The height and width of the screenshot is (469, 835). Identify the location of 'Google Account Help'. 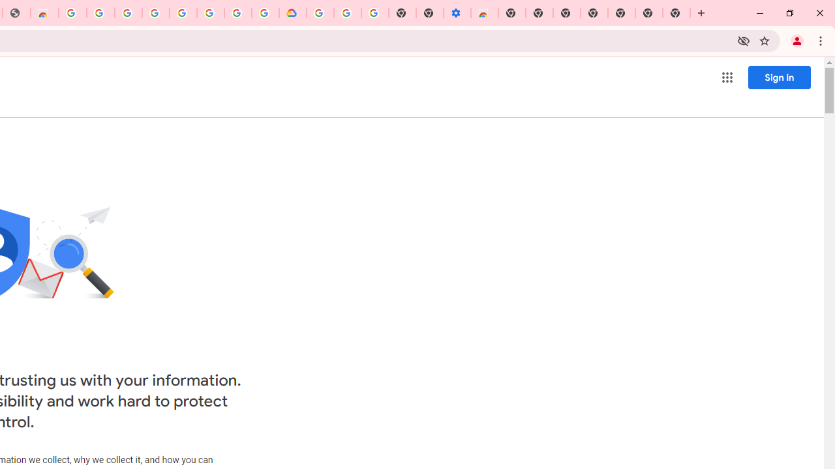
(348, 13).